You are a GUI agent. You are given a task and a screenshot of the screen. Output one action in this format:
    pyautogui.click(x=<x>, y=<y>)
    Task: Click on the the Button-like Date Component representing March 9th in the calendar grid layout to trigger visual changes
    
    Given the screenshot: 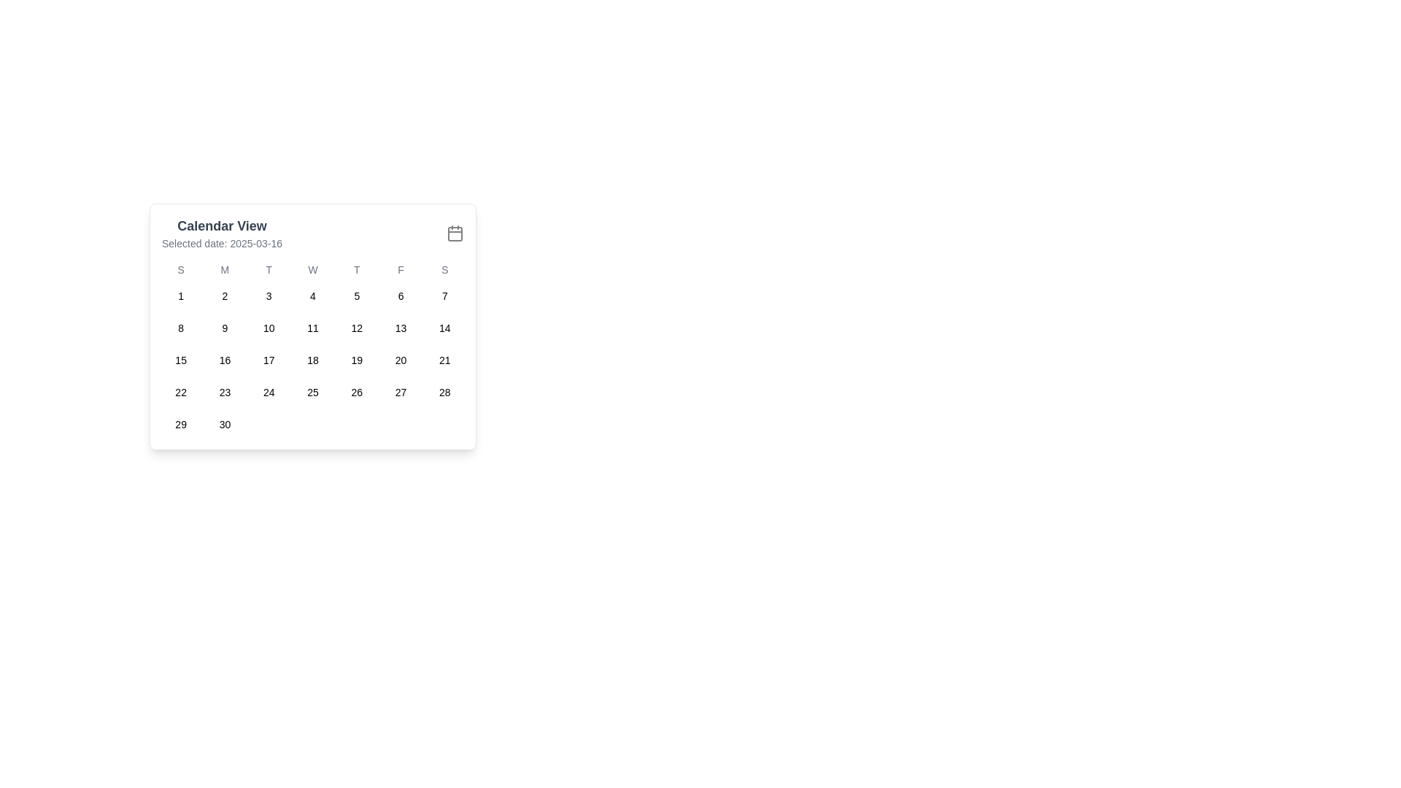 What is the action you would take?
    pyautogui.click(x=224, y=328)
    